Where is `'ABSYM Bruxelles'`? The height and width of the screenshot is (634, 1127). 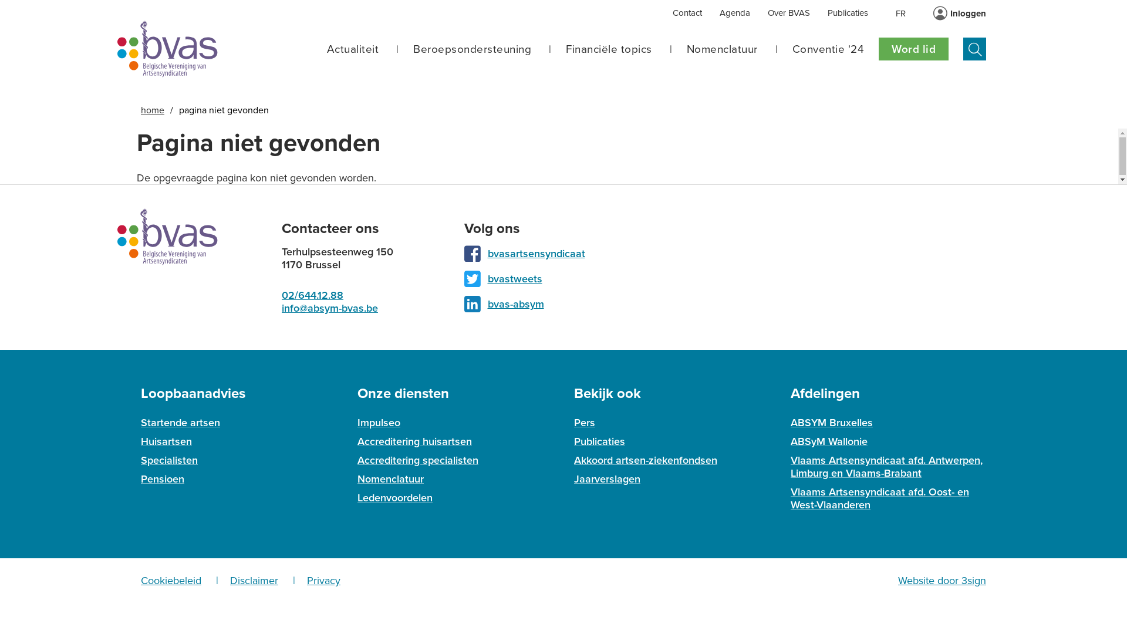
'ABSYM Bruxelles' is located at coordinates (831, 423).